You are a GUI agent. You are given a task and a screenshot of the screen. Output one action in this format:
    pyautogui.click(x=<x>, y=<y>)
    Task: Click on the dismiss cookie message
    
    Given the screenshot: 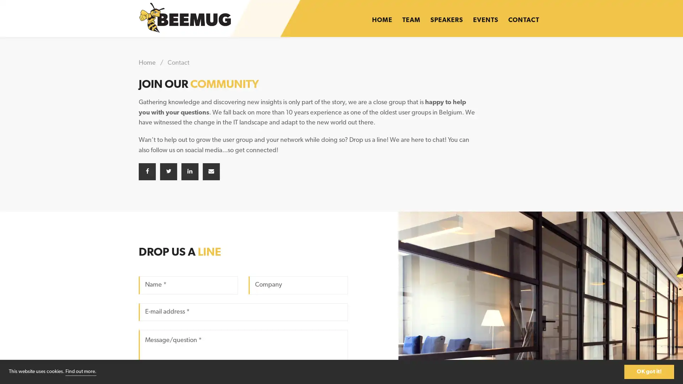 What is the action you would take?
    pyautogui.click(x=649, y=371)
    